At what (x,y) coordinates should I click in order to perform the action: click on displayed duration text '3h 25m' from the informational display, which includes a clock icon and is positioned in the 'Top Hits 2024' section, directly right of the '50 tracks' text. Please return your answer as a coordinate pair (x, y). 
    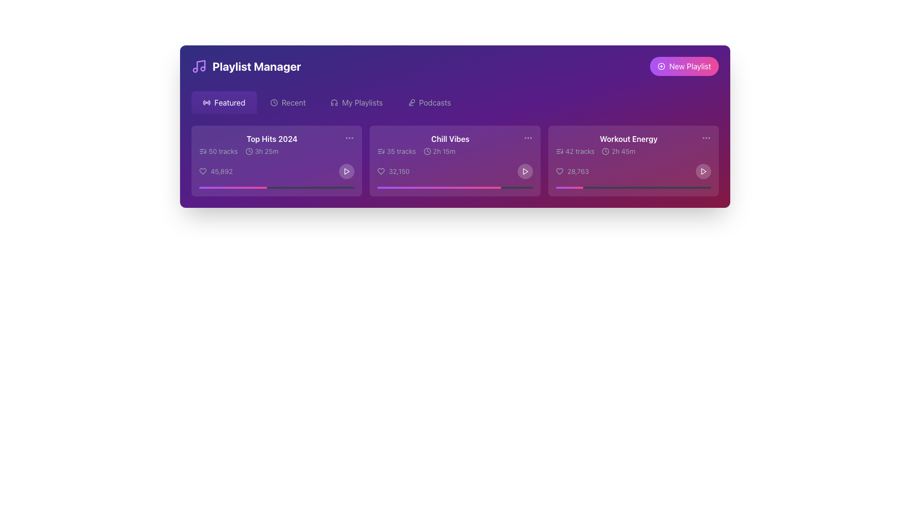
    Looking at the image, I should click on (262, 150).